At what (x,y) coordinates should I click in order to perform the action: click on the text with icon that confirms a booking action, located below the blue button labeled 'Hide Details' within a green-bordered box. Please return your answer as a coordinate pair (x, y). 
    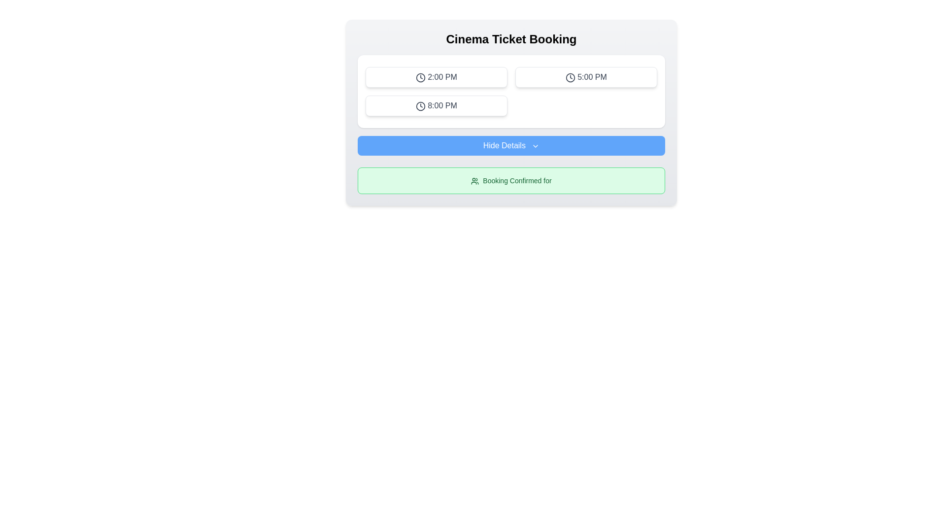
    Looking at the image, I should click on (511, 180).